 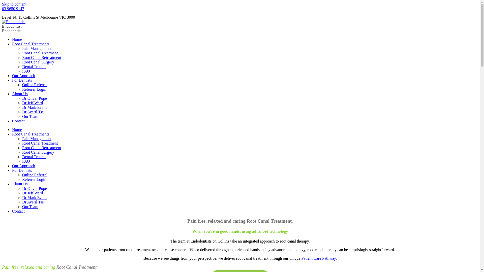 What do you see at coordinates (14, 4) in the screenshot?
I see `'Skip to content'` at bounding box center [14, 4].